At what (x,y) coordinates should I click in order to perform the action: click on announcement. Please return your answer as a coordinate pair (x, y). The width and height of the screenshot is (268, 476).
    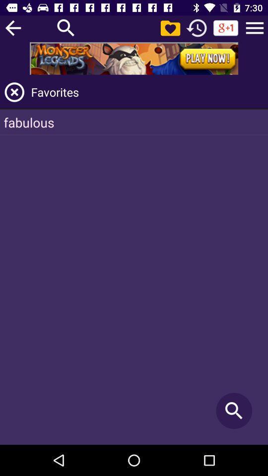
    Looking at the image, I should click on (134, 58).